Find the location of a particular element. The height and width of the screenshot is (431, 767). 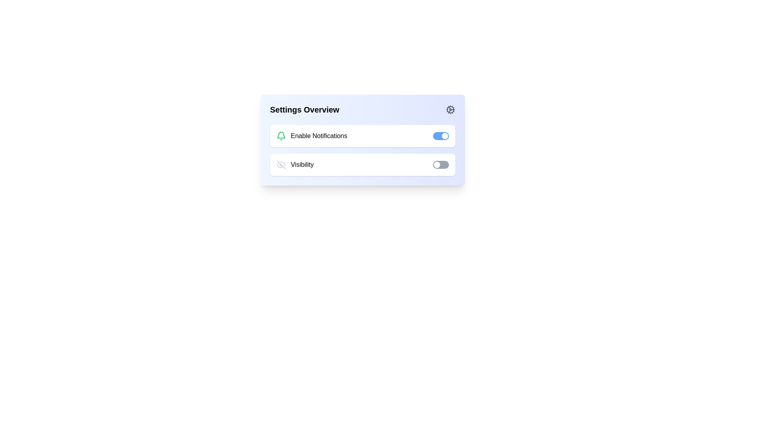

the Icon Decoration element that visually represents a 'visibility off' icon, which is a thin diagonal line crossing an eye icon in gray color, located in the settings interface is located at coordinates (281, 164).